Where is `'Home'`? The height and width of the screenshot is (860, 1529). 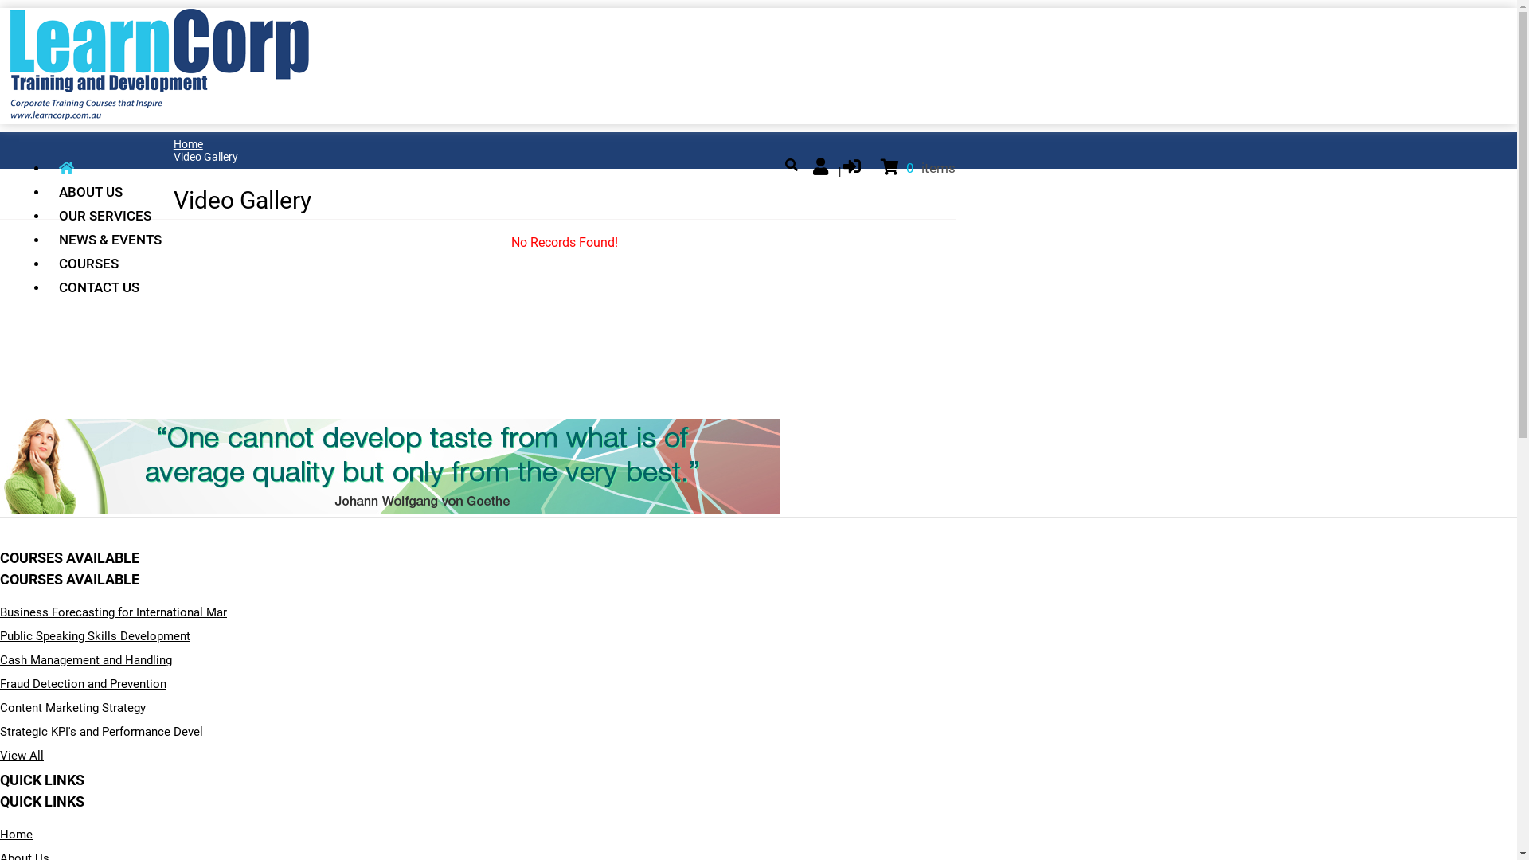
'Home' is located at coordinates (16, 834).